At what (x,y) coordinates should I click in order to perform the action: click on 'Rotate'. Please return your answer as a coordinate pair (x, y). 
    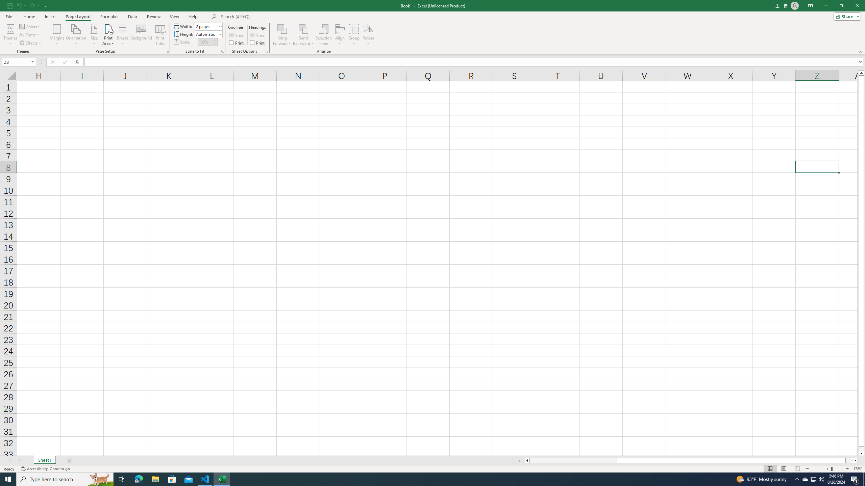
    Looking at the image, I should click on (368, 35).